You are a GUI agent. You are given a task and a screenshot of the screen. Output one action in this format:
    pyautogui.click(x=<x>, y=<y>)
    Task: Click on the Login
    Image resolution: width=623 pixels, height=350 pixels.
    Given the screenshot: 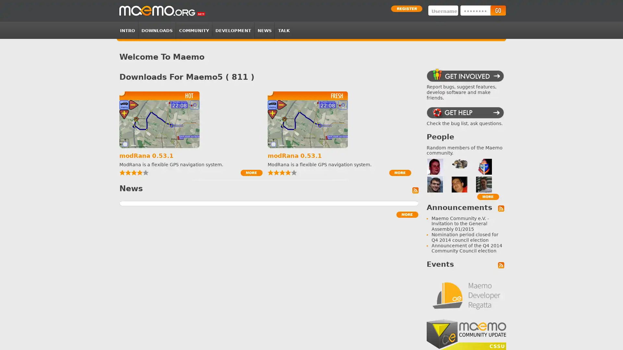 What is the action you would take?
    pyautogui.click(x=497, y=10)
    